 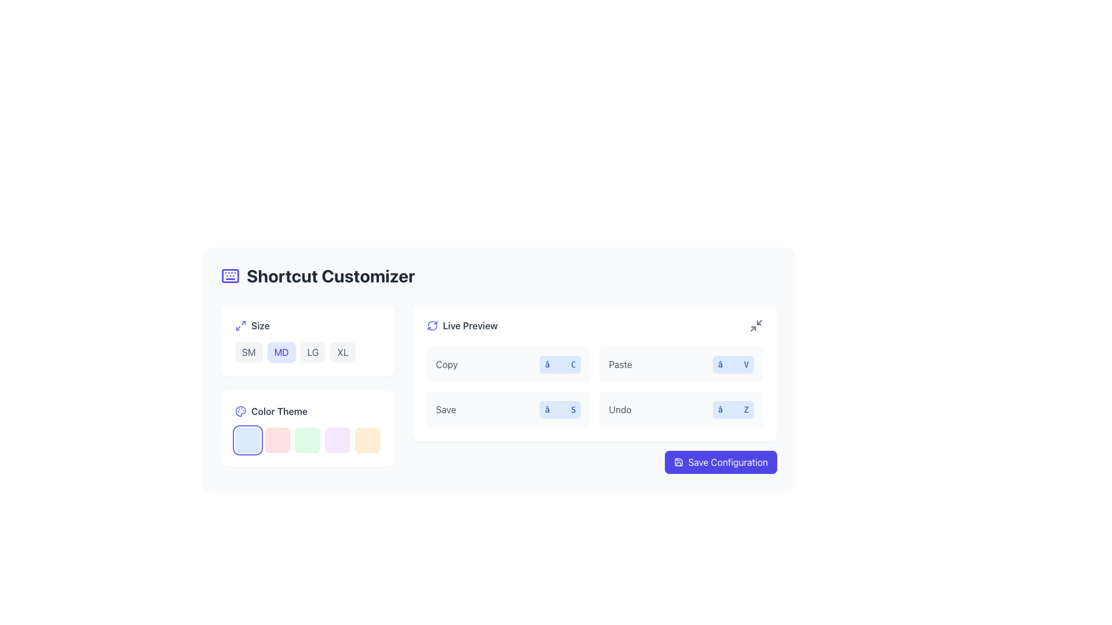 I want to click on the static text label that describes the 'Save' functionality, located in the 'Live Preview' section, beneath the 'Copy' and 'Paste' options, so click(x=445, y=409).